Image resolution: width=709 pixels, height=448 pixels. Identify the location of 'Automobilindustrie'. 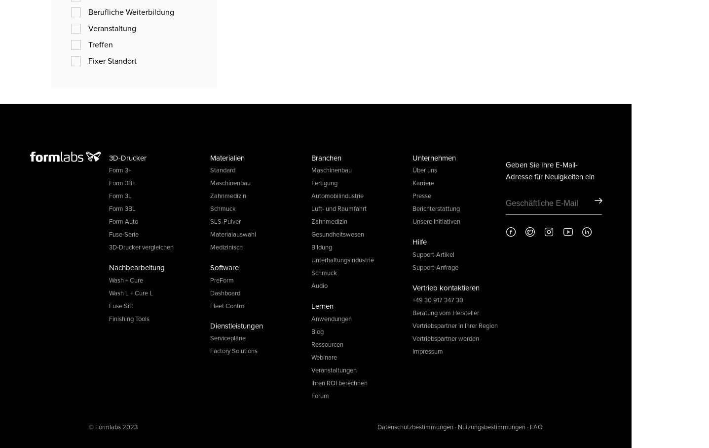
(337, 196).